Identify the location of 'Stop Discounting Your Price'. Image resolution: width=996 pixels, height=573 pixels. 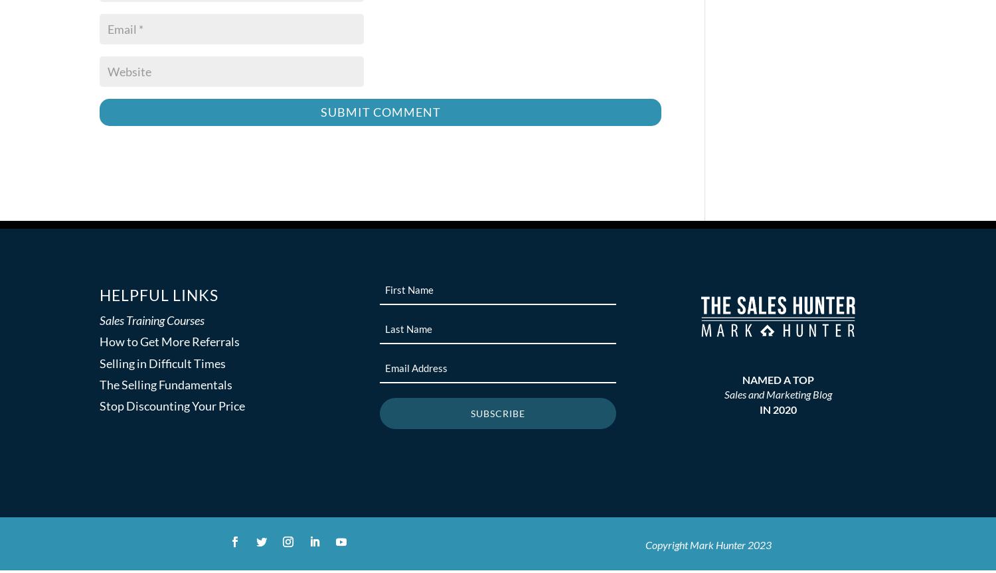
(172, 405).